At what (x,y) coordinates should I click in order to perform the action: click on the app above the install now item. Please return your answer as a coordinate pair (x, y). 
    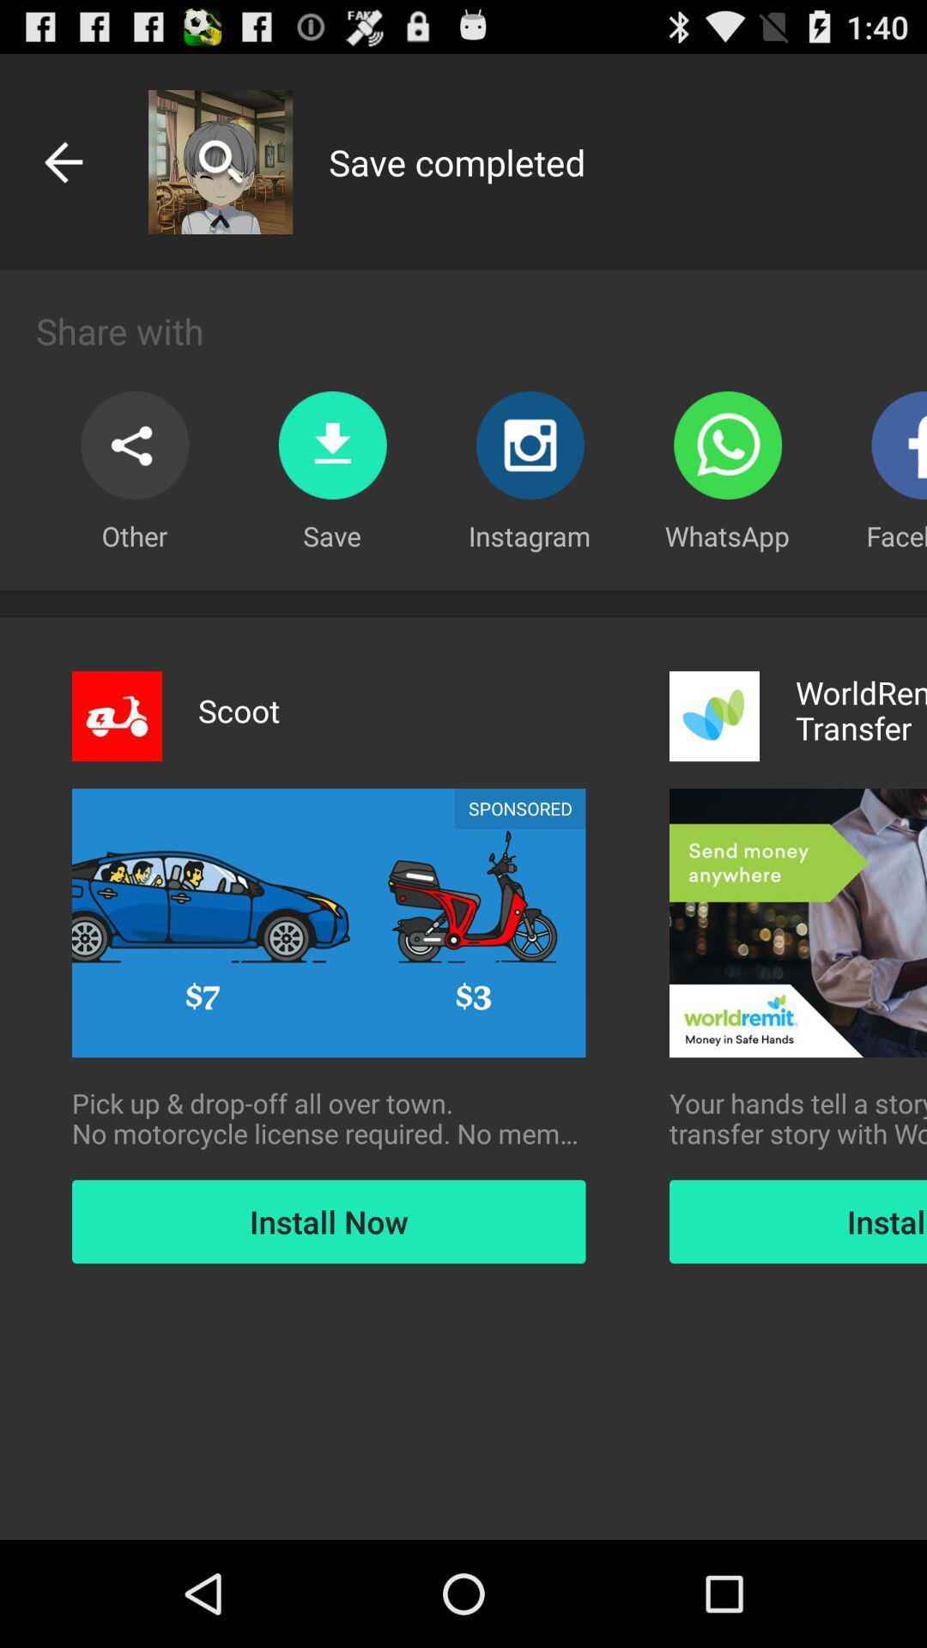
    Looking at the image, I should click on (329, 1118).